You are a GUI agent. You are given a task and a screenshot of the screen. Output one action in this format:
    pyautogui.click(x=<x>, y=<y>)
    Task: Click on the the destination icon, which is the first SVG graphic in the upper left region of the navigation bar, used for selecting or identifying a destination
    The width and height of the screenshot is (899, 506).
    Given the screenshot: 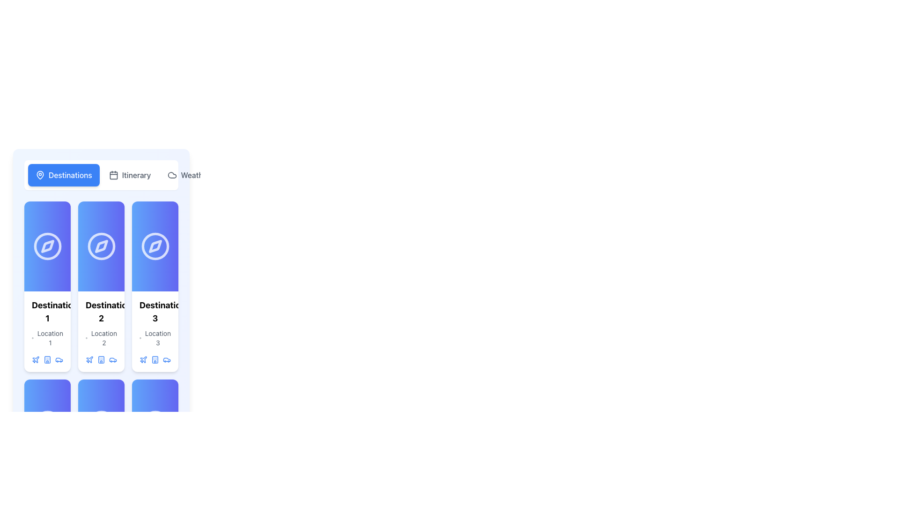 What is the action you would take?
    pyautogui.click(x=40, y=175)
    